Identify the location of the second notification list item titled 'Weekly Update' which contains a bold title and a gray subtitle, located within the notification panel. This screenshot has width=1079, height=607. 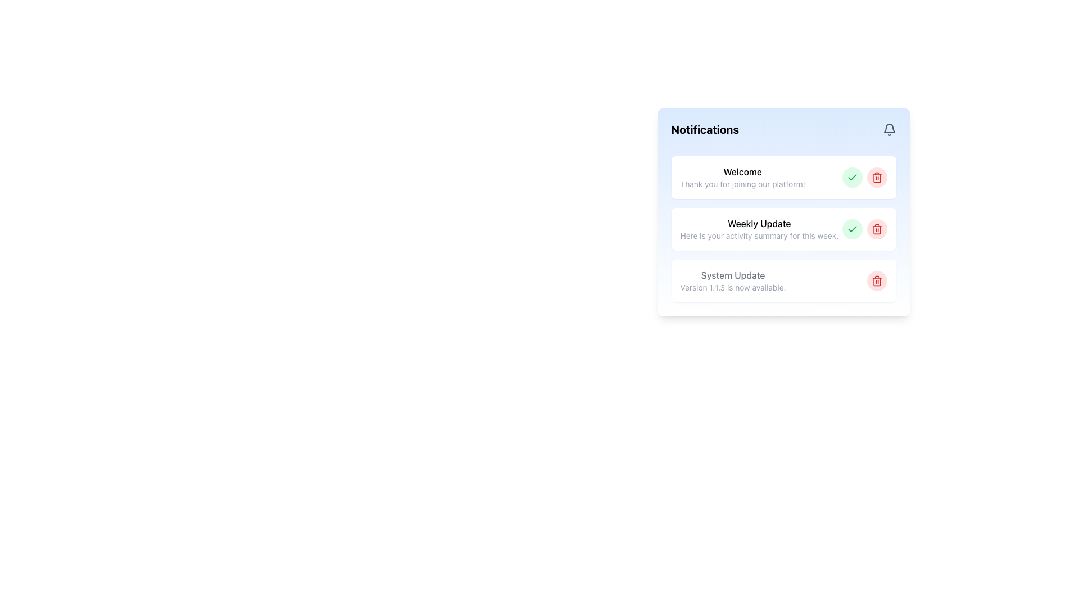
(783, 212).